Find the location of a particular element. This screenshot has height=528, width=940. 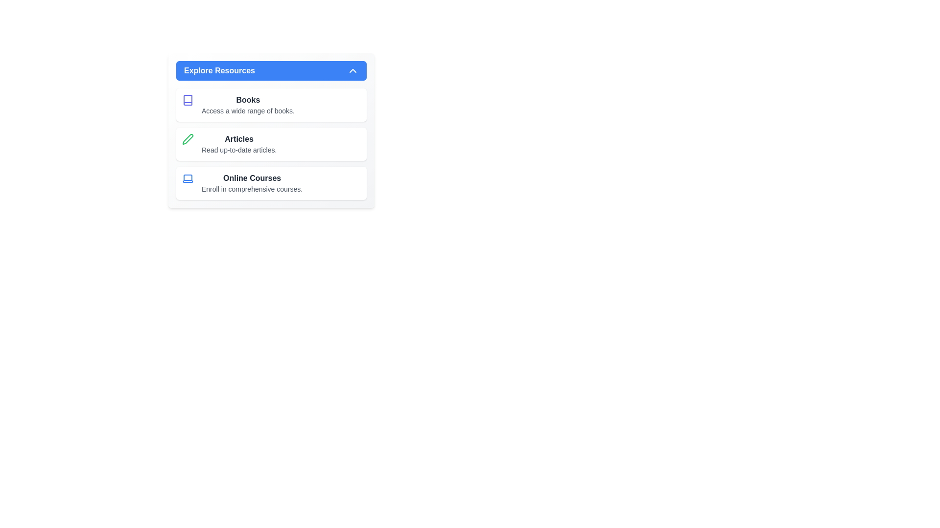

the 'Articles' list item in the navigational menu is located at coordinates (271, 144).